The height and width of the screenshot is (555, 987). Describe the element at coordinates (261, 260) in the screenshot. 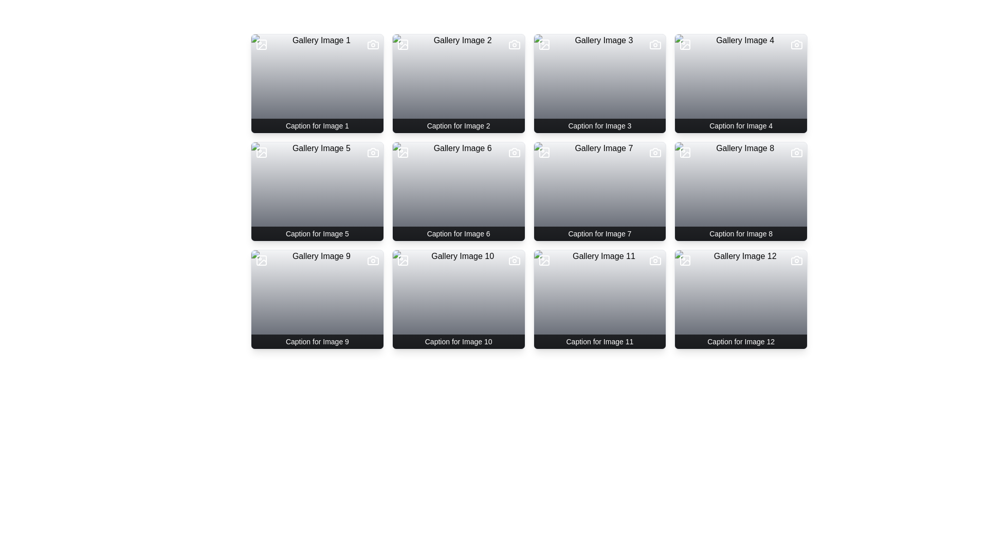

I see `large rounded rectangle graphical element located at the top-left corner of the thumbnail for 'Gallery Image 9'` at that location.